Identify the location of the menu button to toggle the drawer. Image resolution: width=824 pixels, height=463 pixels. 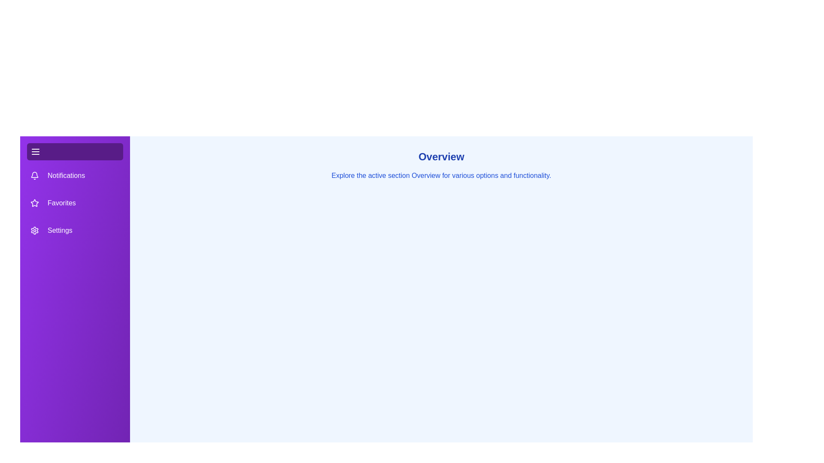
(75, 151).